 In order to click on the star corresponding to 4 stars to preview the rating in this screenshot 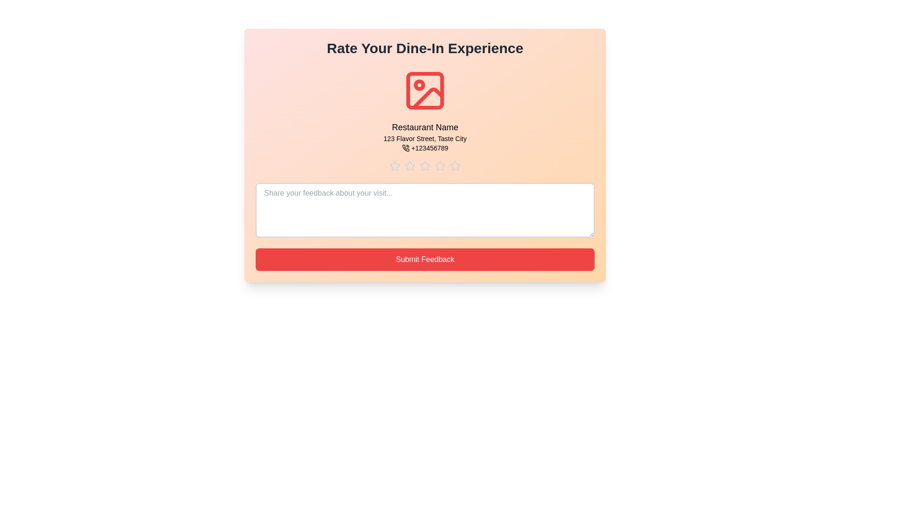, I will do `click(440, 166)`.